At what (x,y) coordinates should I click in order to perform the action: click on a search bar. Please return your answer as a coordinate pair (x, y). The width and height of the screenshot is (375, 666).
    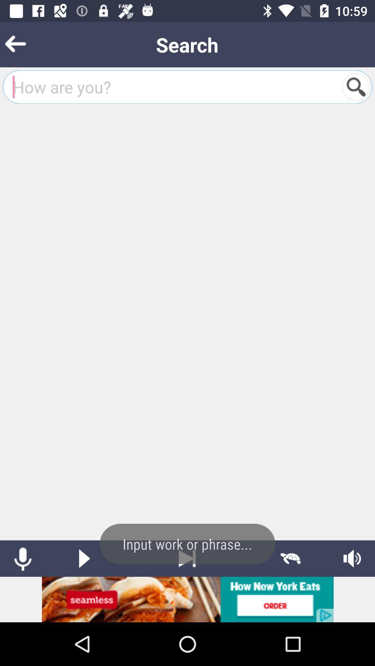
    Looking at the image, I should click on (356, 86).